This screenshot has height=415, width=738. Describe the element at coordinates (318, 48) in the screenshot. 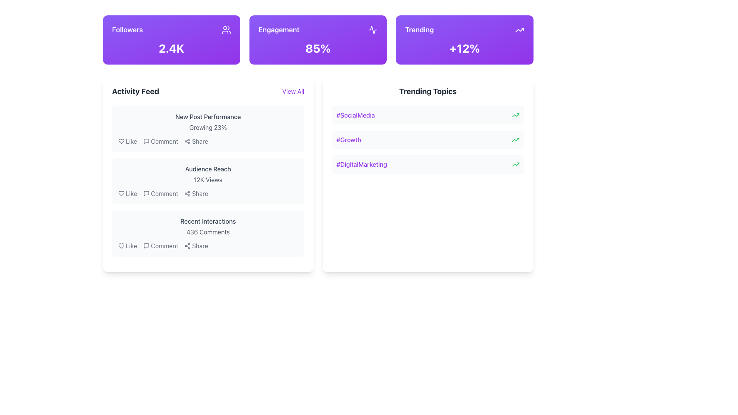

I see `the Text Label displaying '85%' in bold white font, located within the 'Engagement' card, positioned centrally in the top row of cards` at that location.